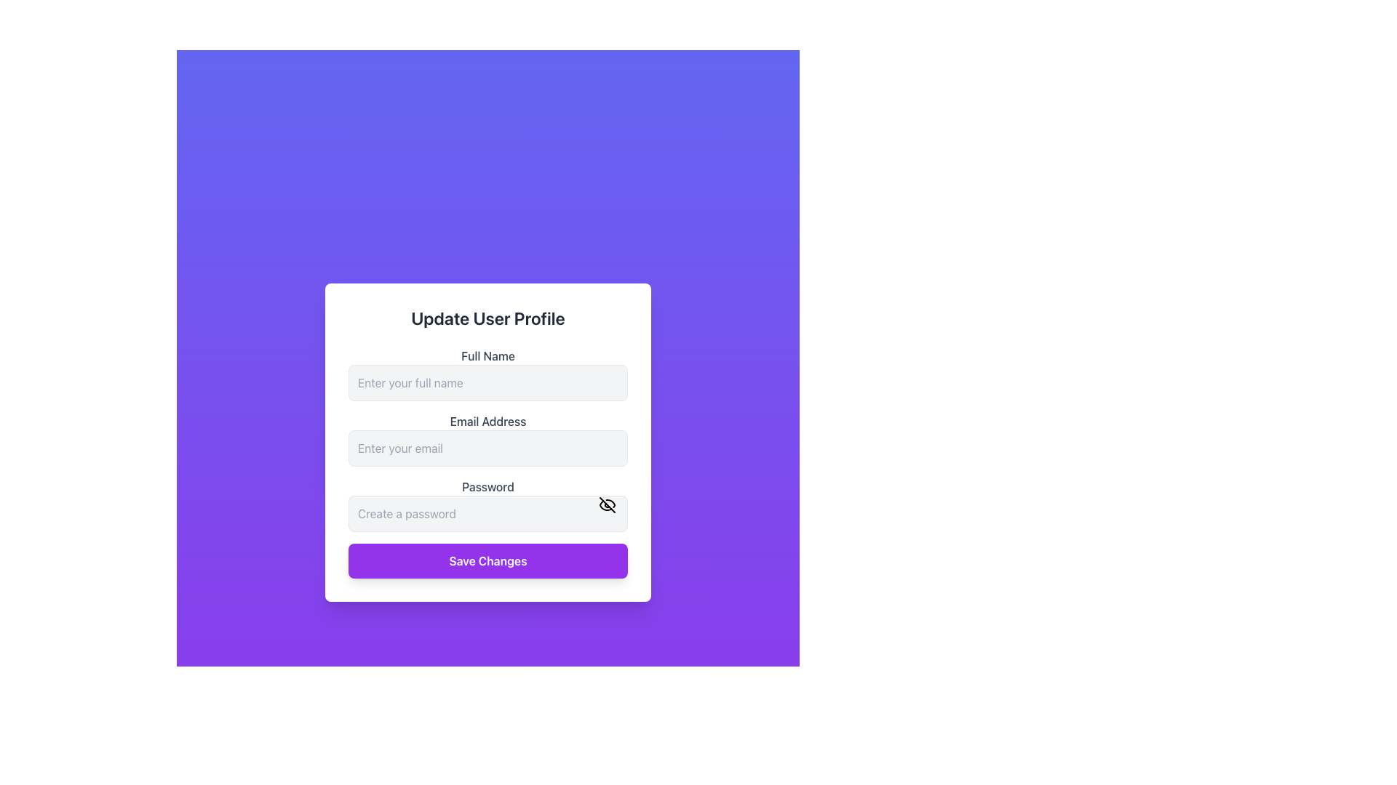 This screenshot has width=1397, height=785. I want to click on the 'Save Changes' button located at the bottom of the form, so click(488, 560).